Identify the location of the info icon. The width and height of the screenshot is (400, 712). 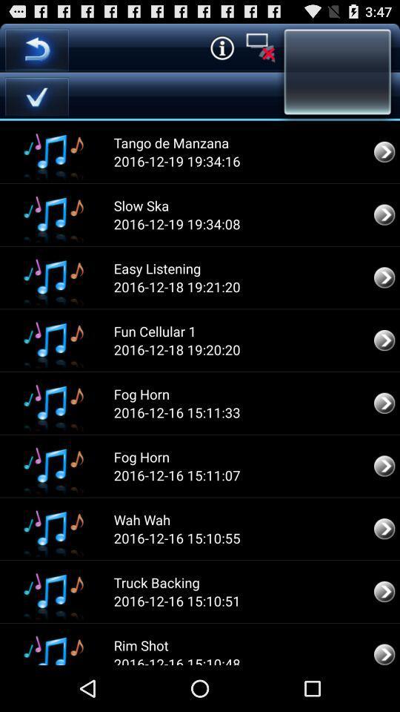
(221, 50).